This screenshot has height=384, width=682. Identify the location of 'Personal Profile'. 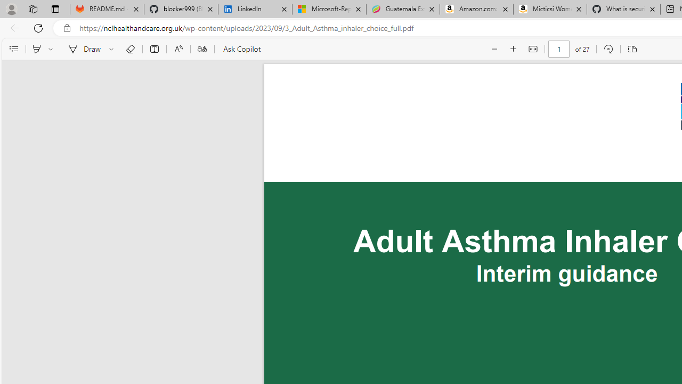
(11, 9).